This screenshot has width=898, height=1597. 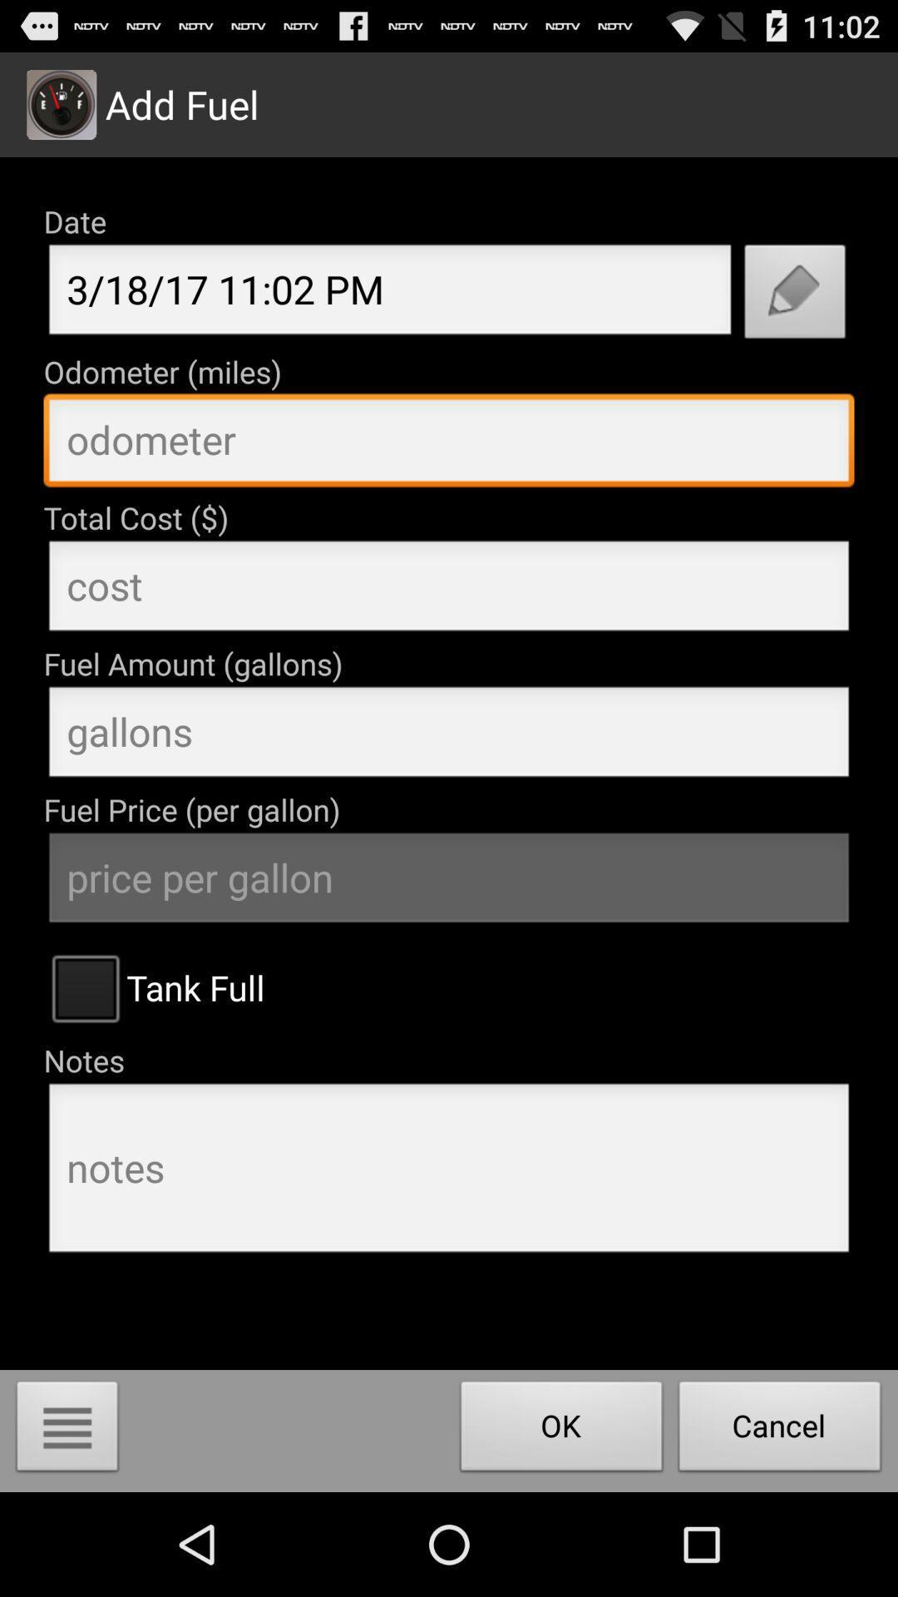 What do you see at coordinates (794, 296) in the screenshot?
I see `edit date icon next to date text field` at bounding box center [794, 296].